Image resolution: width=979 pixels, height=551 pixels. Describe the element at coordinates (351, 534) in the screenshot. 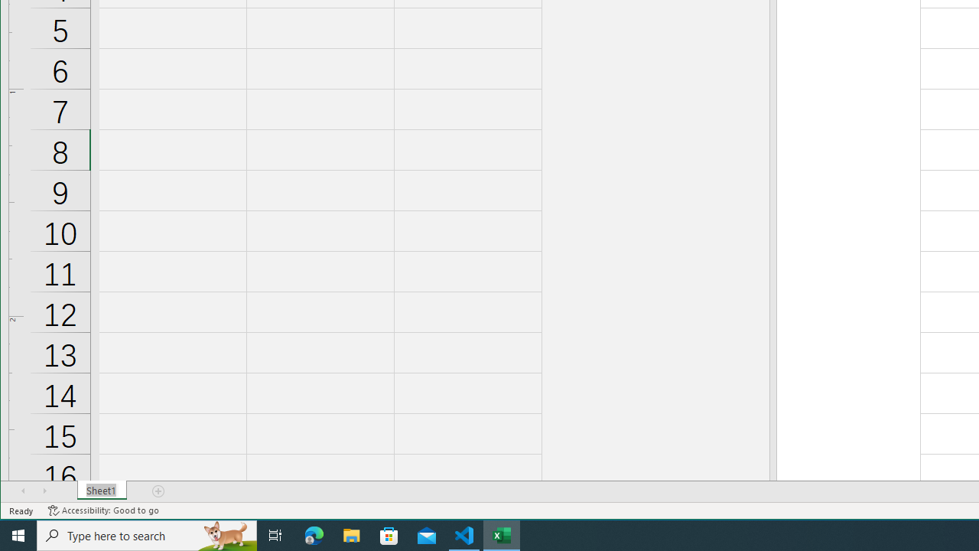

I see `'File Explorer'` at that location.